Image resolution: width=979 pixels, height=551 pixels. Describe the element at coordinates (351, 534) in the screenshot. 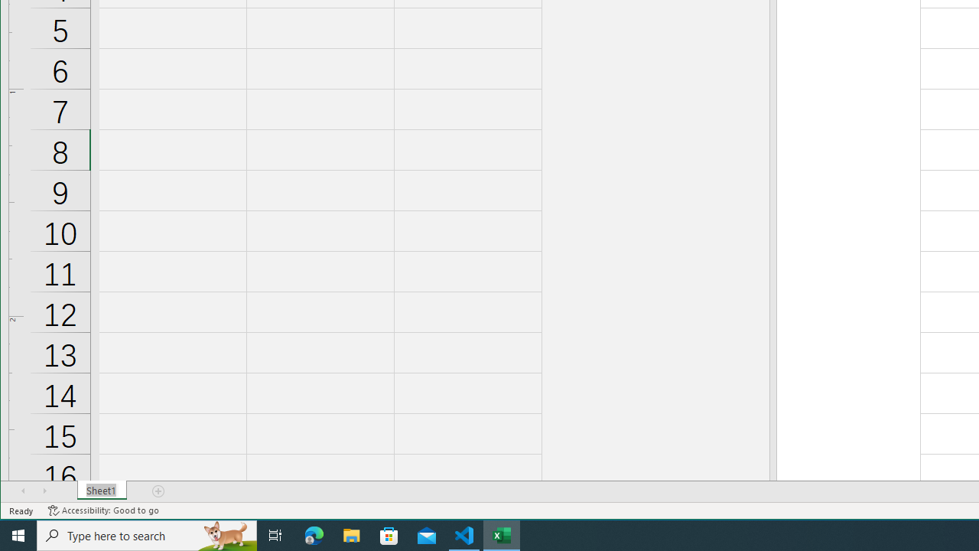

I see `'File Explorer'` at that location.